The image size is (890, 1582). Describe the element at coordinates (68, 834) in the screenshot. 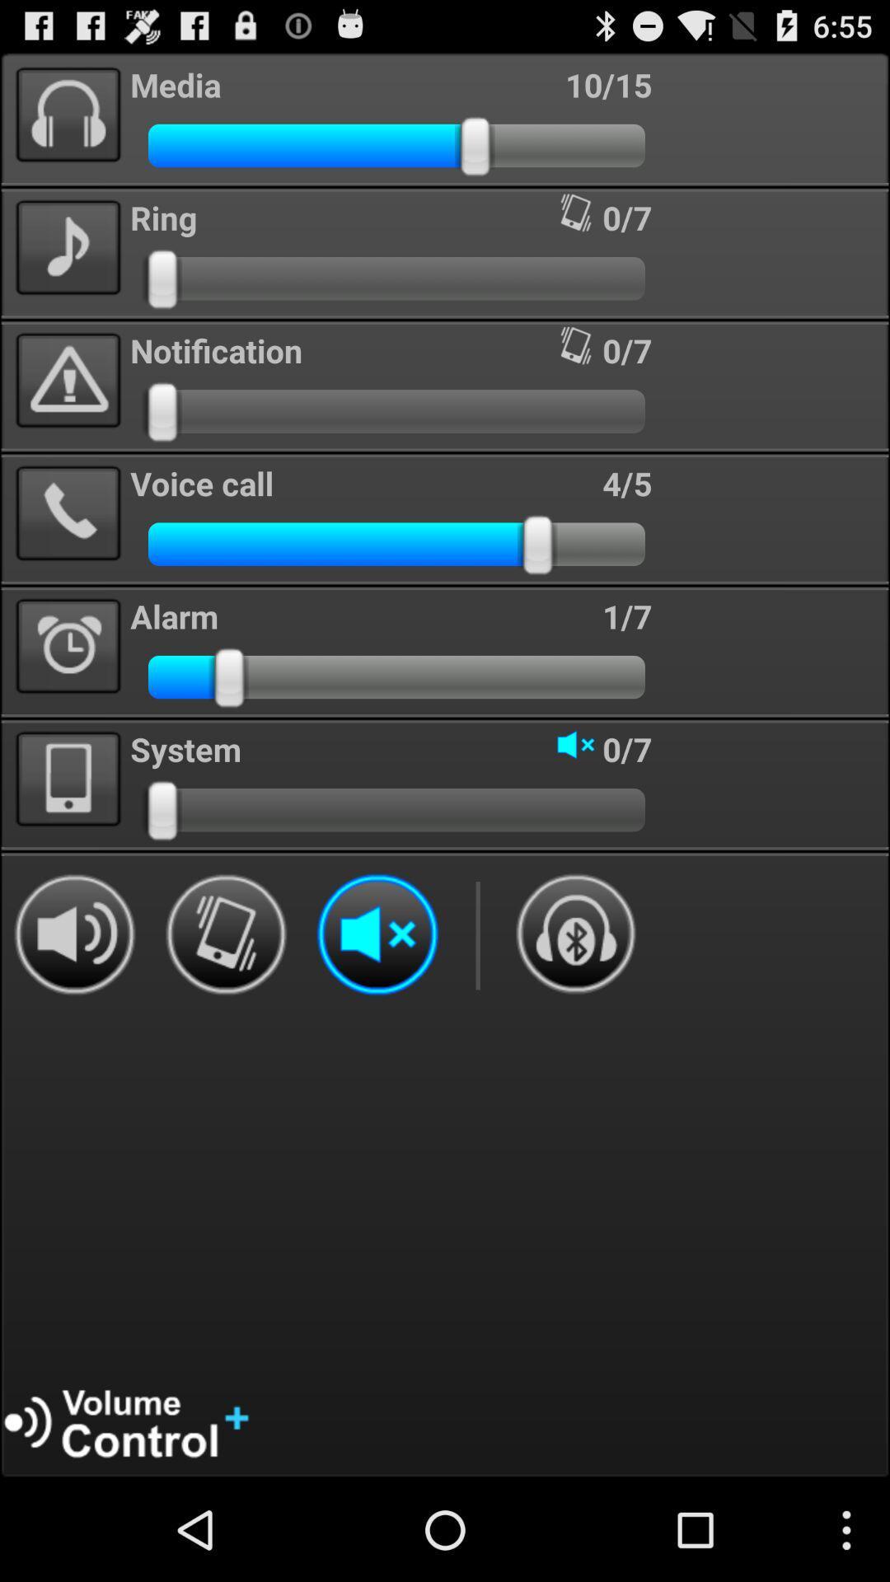

I see `the book icon` at that location.